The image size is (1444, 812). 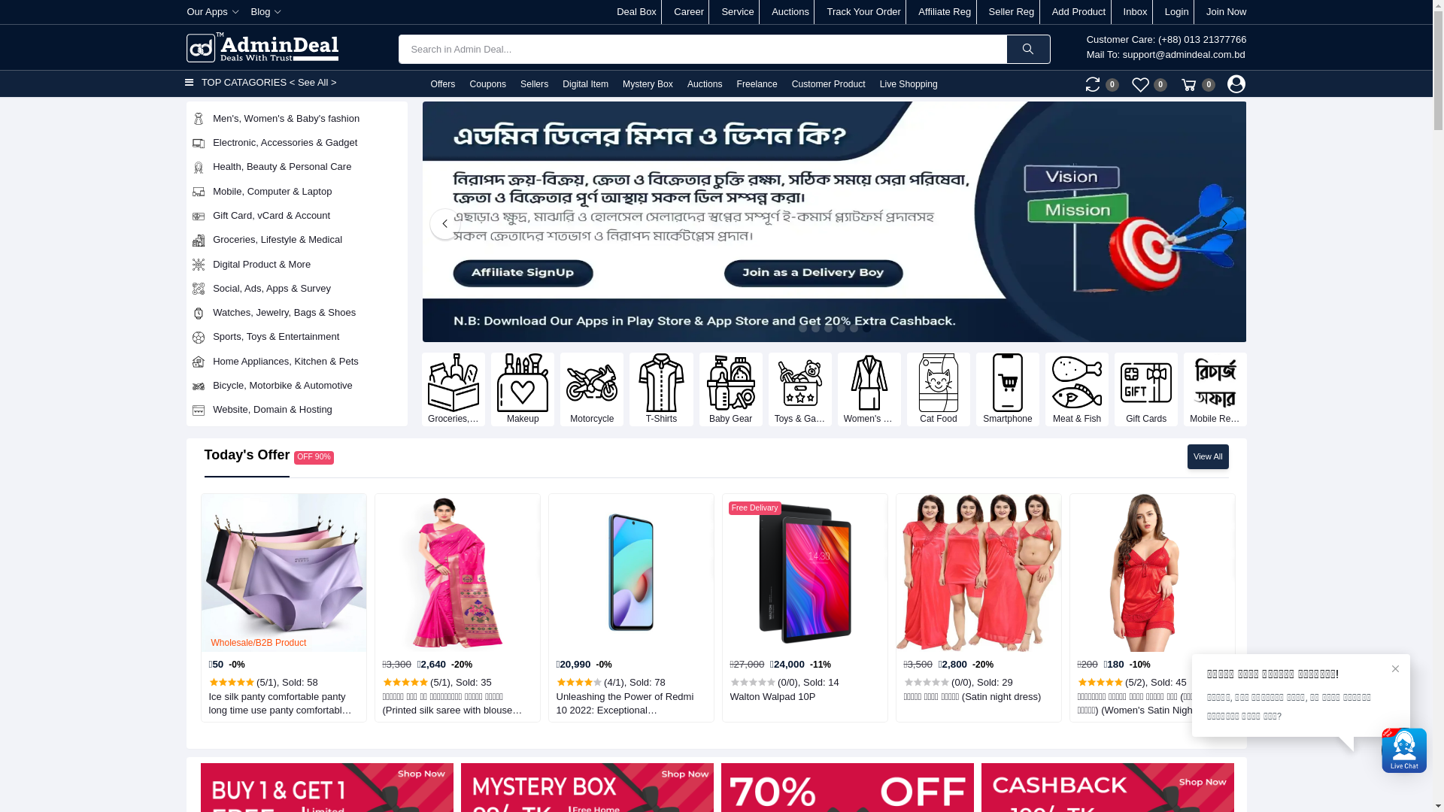 I want to click on 'Affiliate Reg', so click(x=944, y=11).